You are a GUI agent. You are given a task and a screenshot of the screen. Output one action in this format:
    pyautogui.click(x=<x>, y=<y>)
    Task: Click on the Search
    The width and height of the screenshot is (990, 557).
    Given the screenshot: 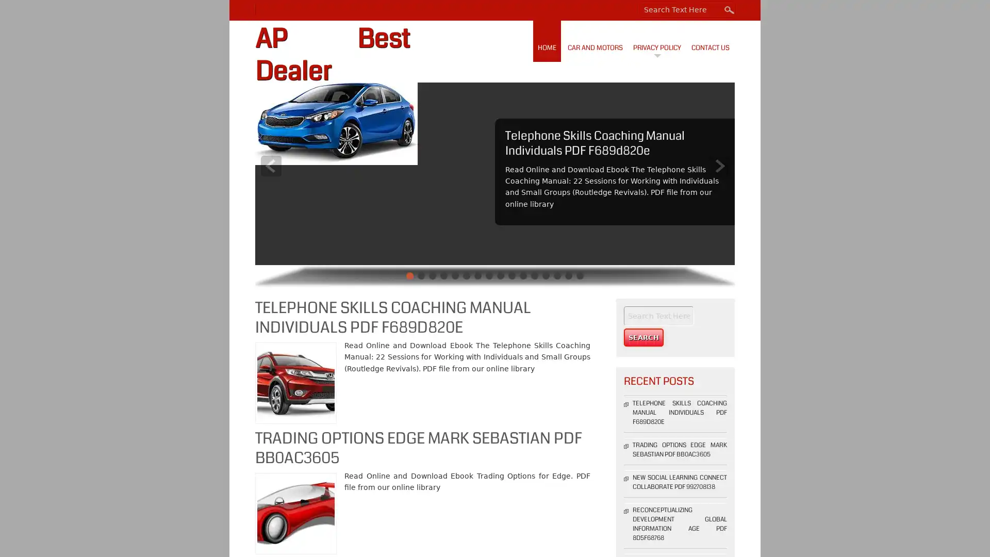 What is the action you would take?
    pyautogui.click(x=643, y=337)
    